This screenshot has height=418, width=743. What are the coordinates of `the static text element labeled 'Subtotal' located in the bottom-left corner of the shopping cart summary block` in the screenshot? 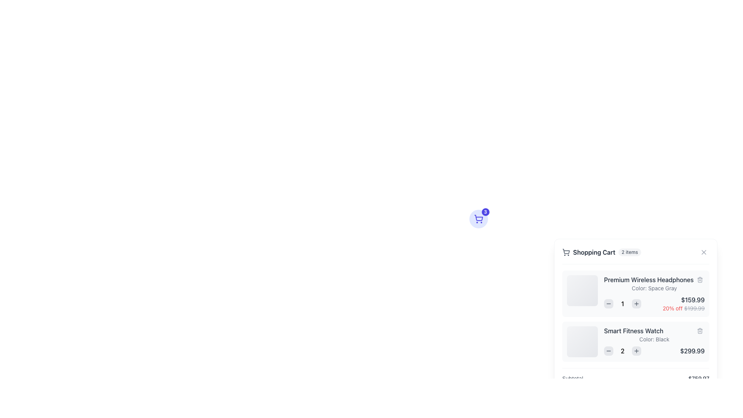 It's located at (573, 378).